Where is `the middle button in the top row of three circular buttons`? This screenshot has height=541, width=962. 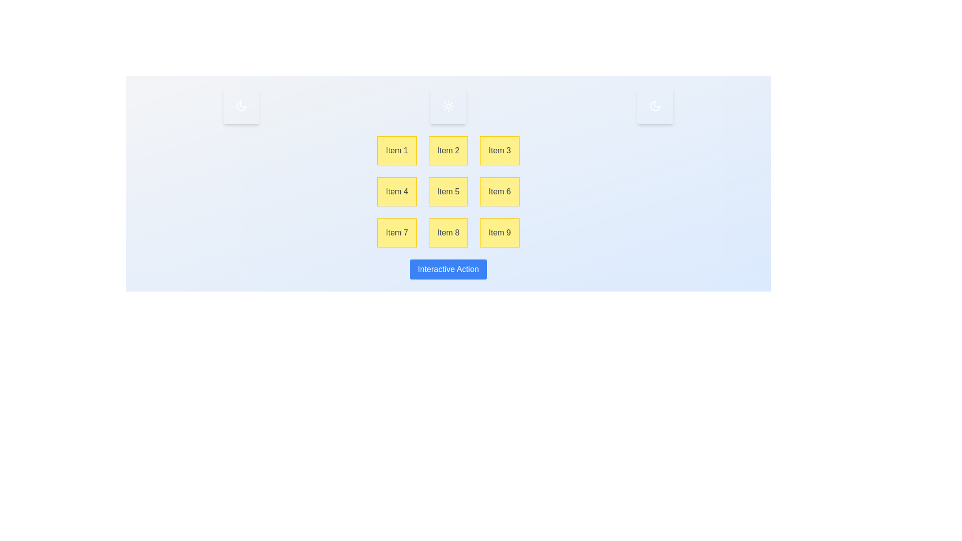 the middle button in the top row of three circular buttons is located at coordinates (447, 106).